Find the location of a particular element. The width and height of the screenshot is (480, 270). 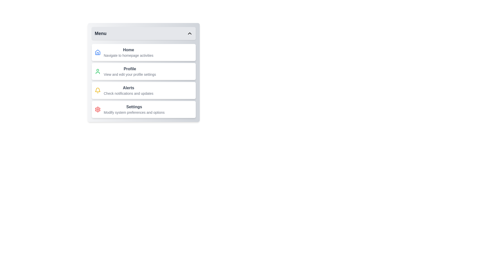

the Settings icon in the menu is located at coordinates (97, 109).